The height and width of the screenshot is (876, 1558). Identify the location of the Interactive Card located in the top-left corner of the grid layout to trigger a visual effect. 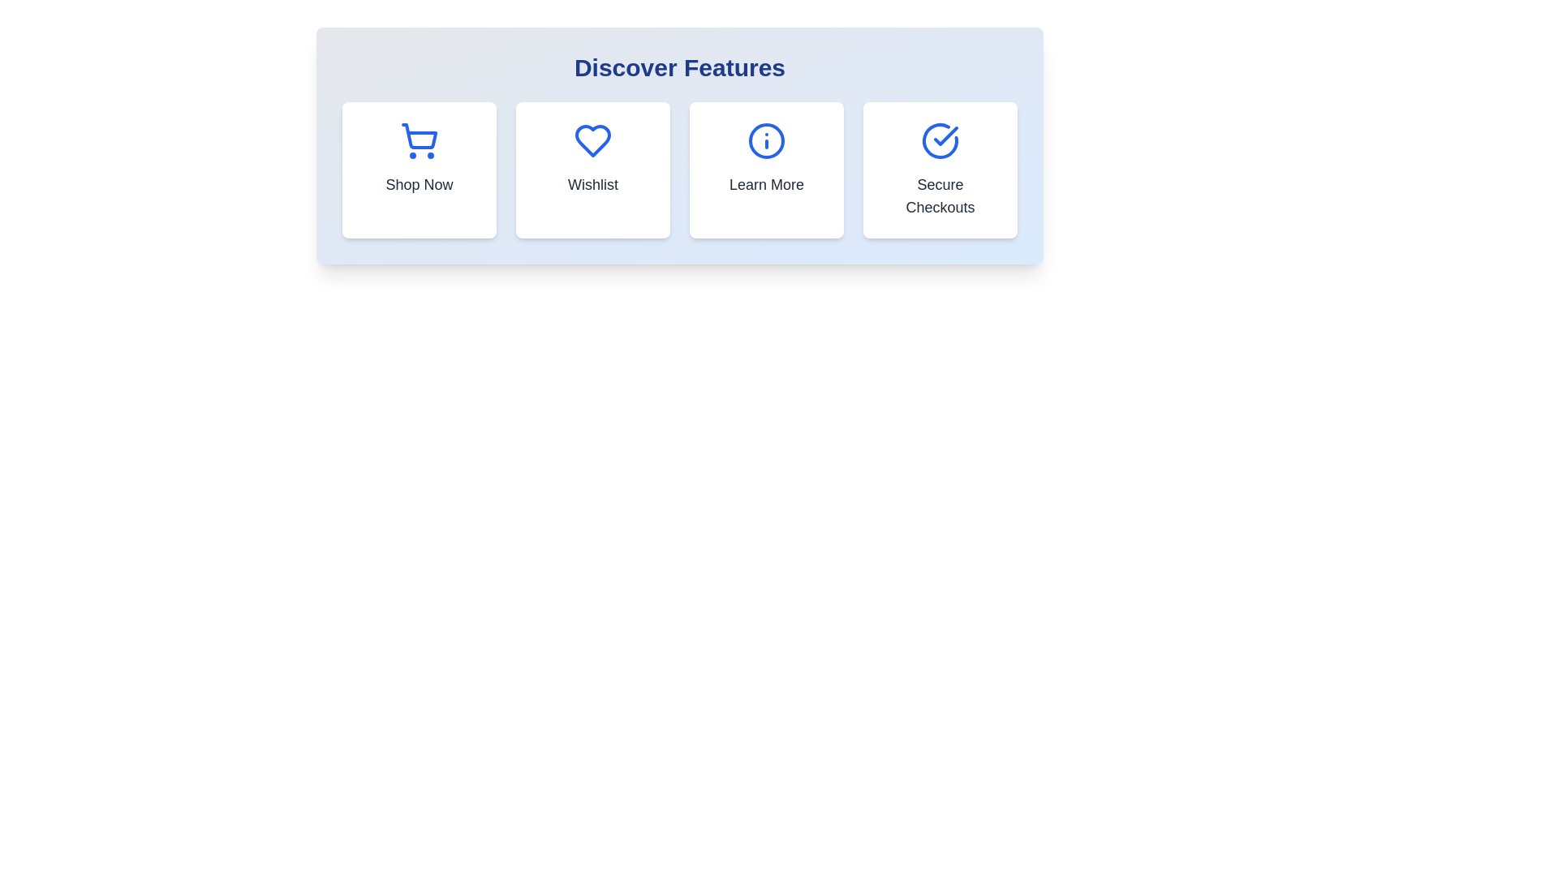
(420, 170).